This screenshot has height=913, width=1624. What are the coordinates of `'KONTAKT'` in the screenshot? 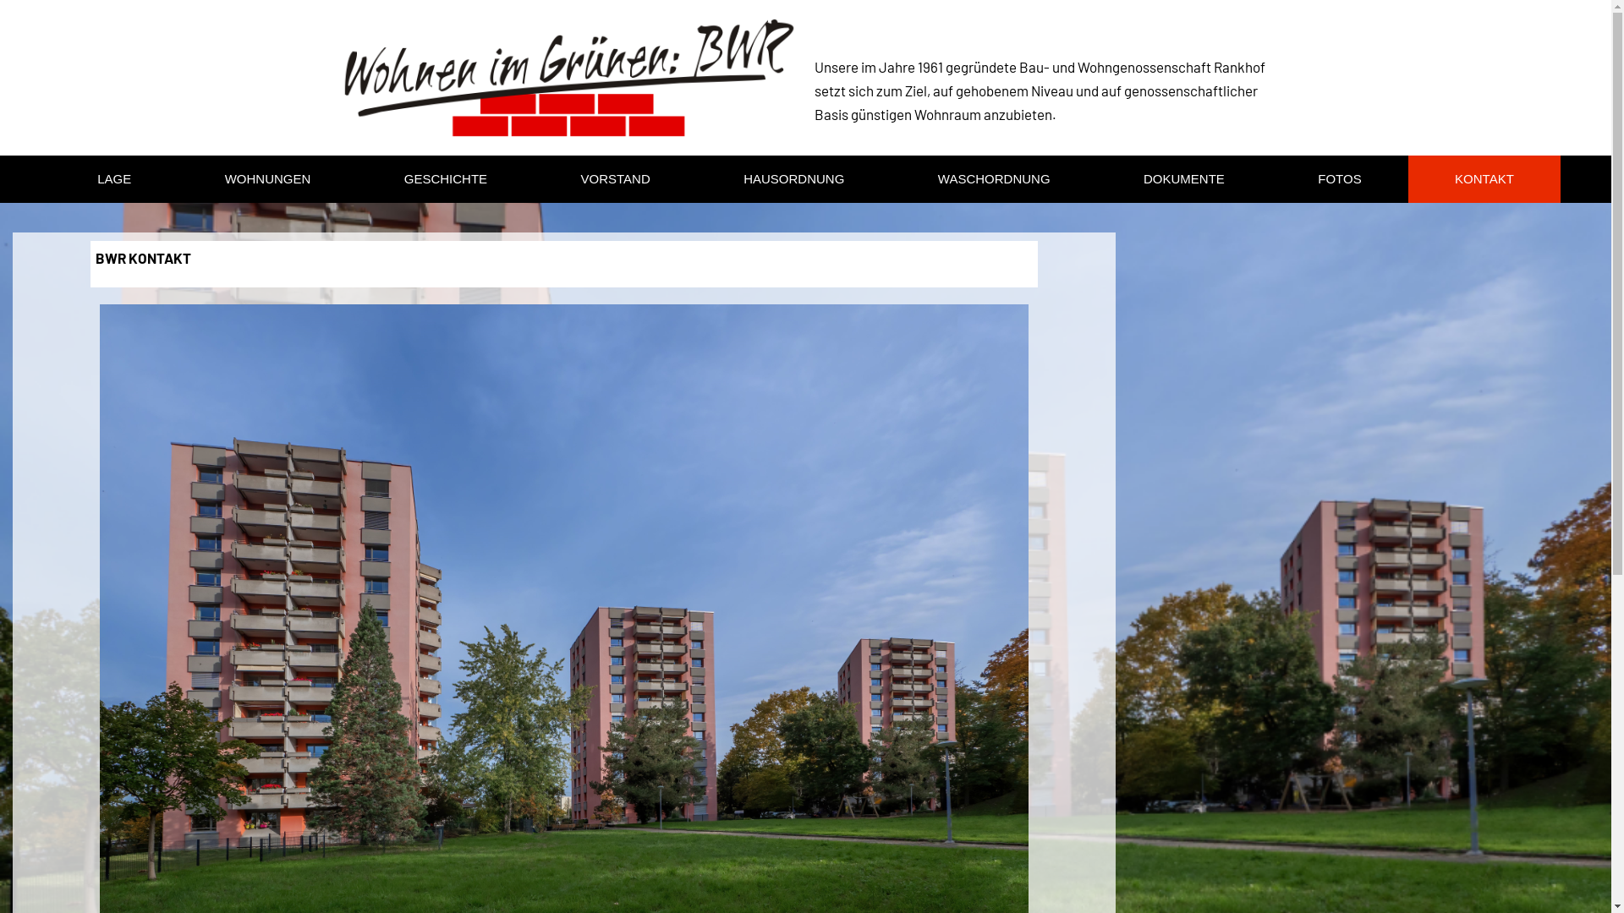 It's located at (1484, 179).